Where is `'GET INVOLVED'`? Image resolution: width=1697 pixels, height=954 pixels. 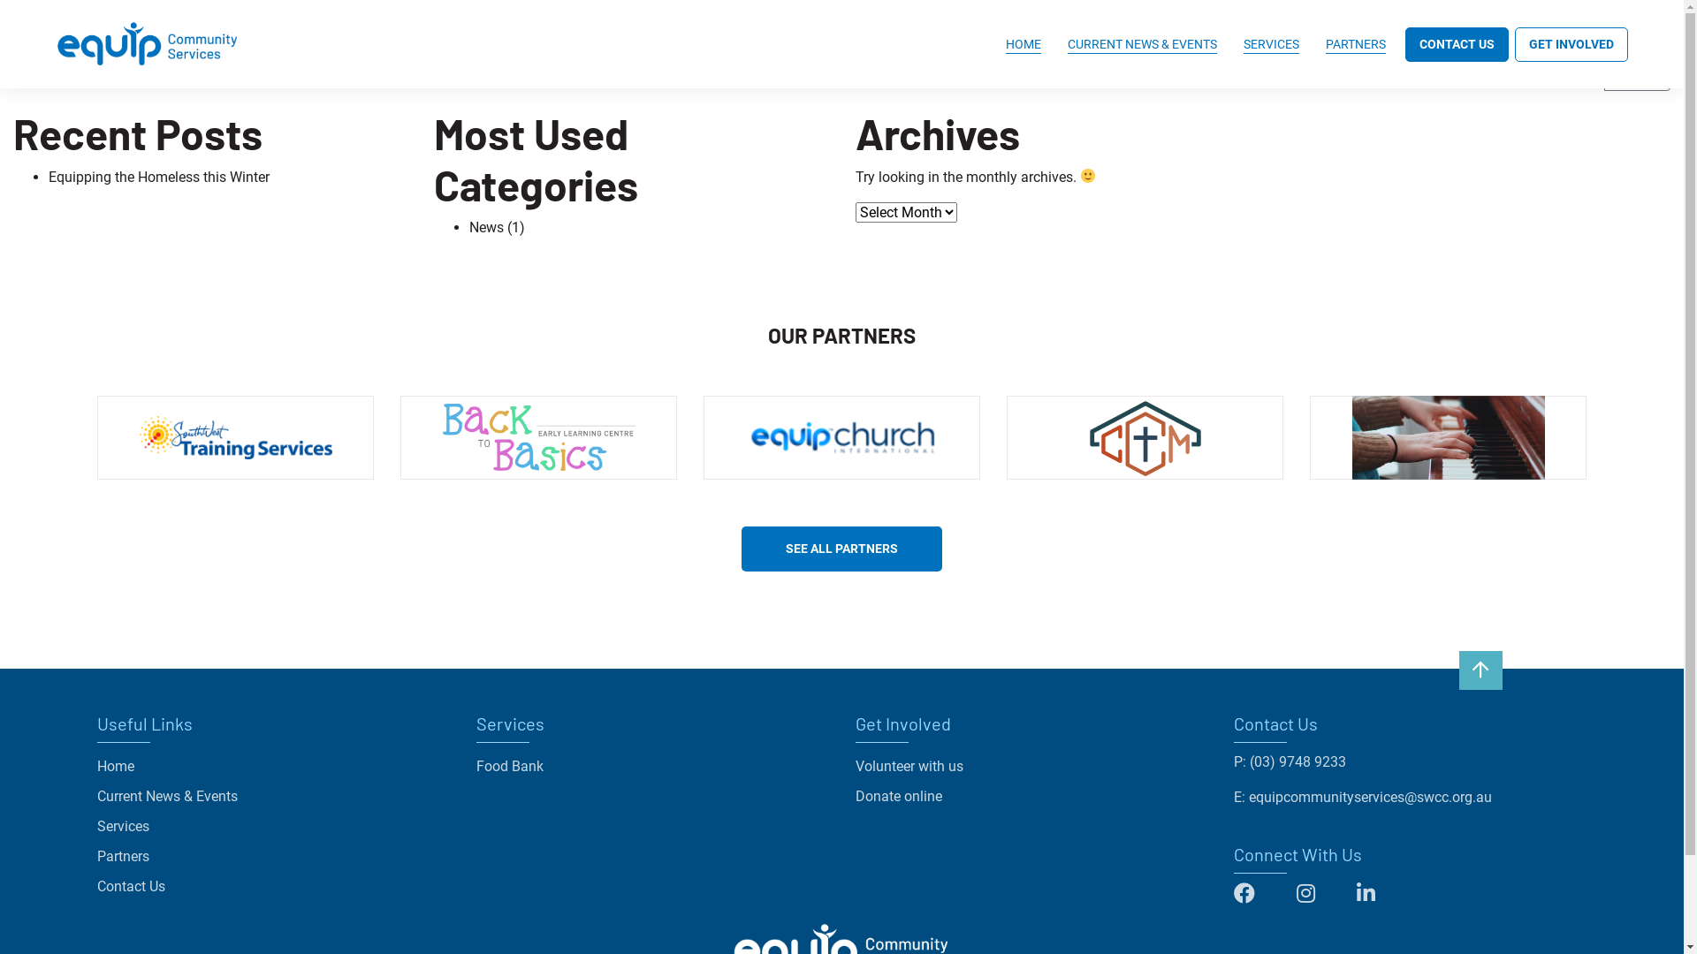
'GET INVOLVED' is located at coordinates (1513, 42).